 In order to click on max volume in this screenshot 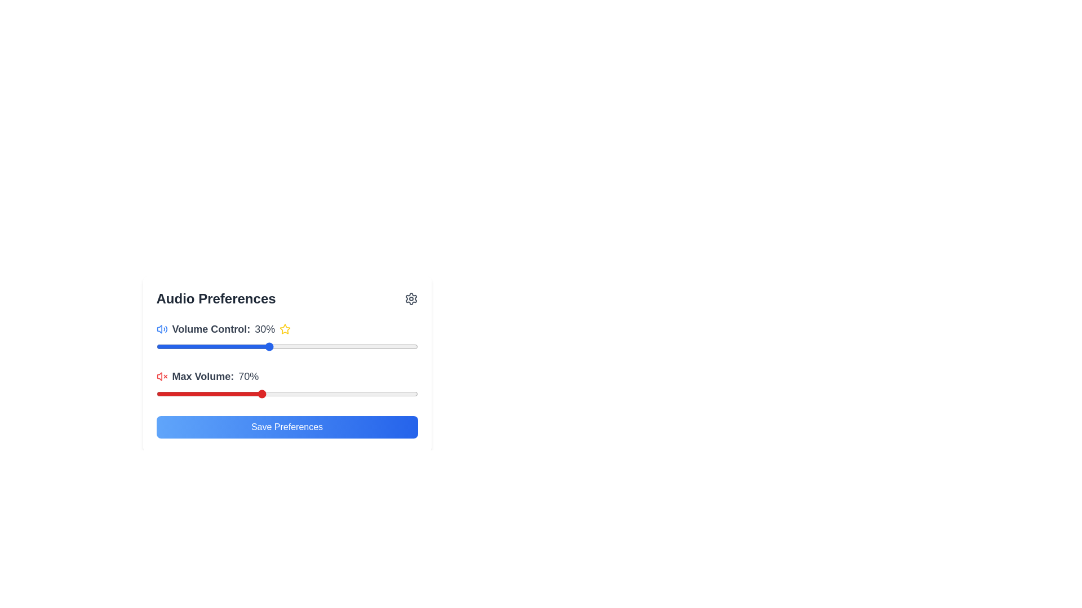, I will do `click(392, 393)`.